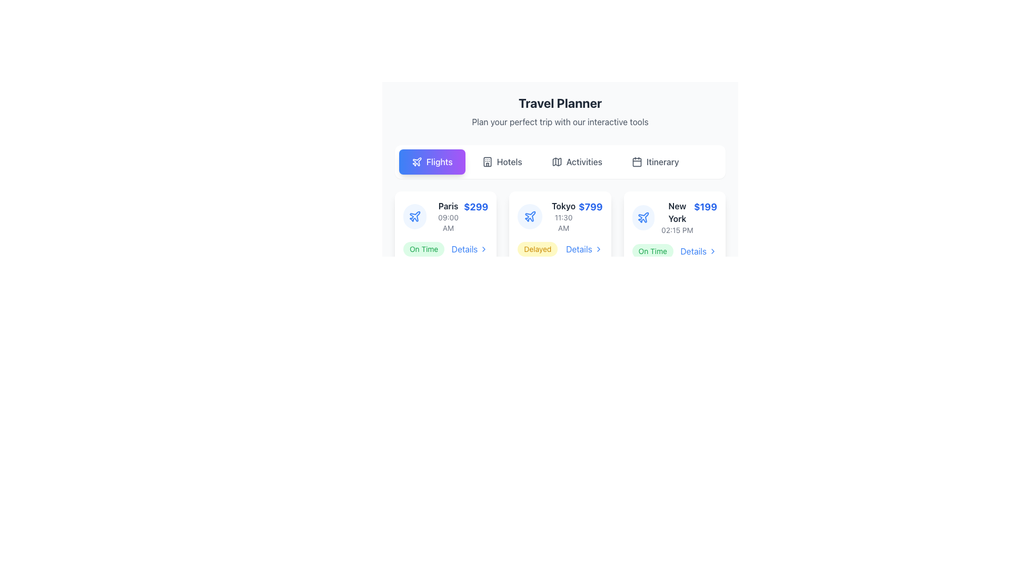 Image resolution: width=1011 pixels, height=568 pixels. What do you see at coordinates (598, 249) in the screenshot?
I see `the Chevron icon located immediately to the right of the 'Details' text in the second travel card indicating 'Tokyo $799 11:30 AM'` at bounding box center [598, 249].